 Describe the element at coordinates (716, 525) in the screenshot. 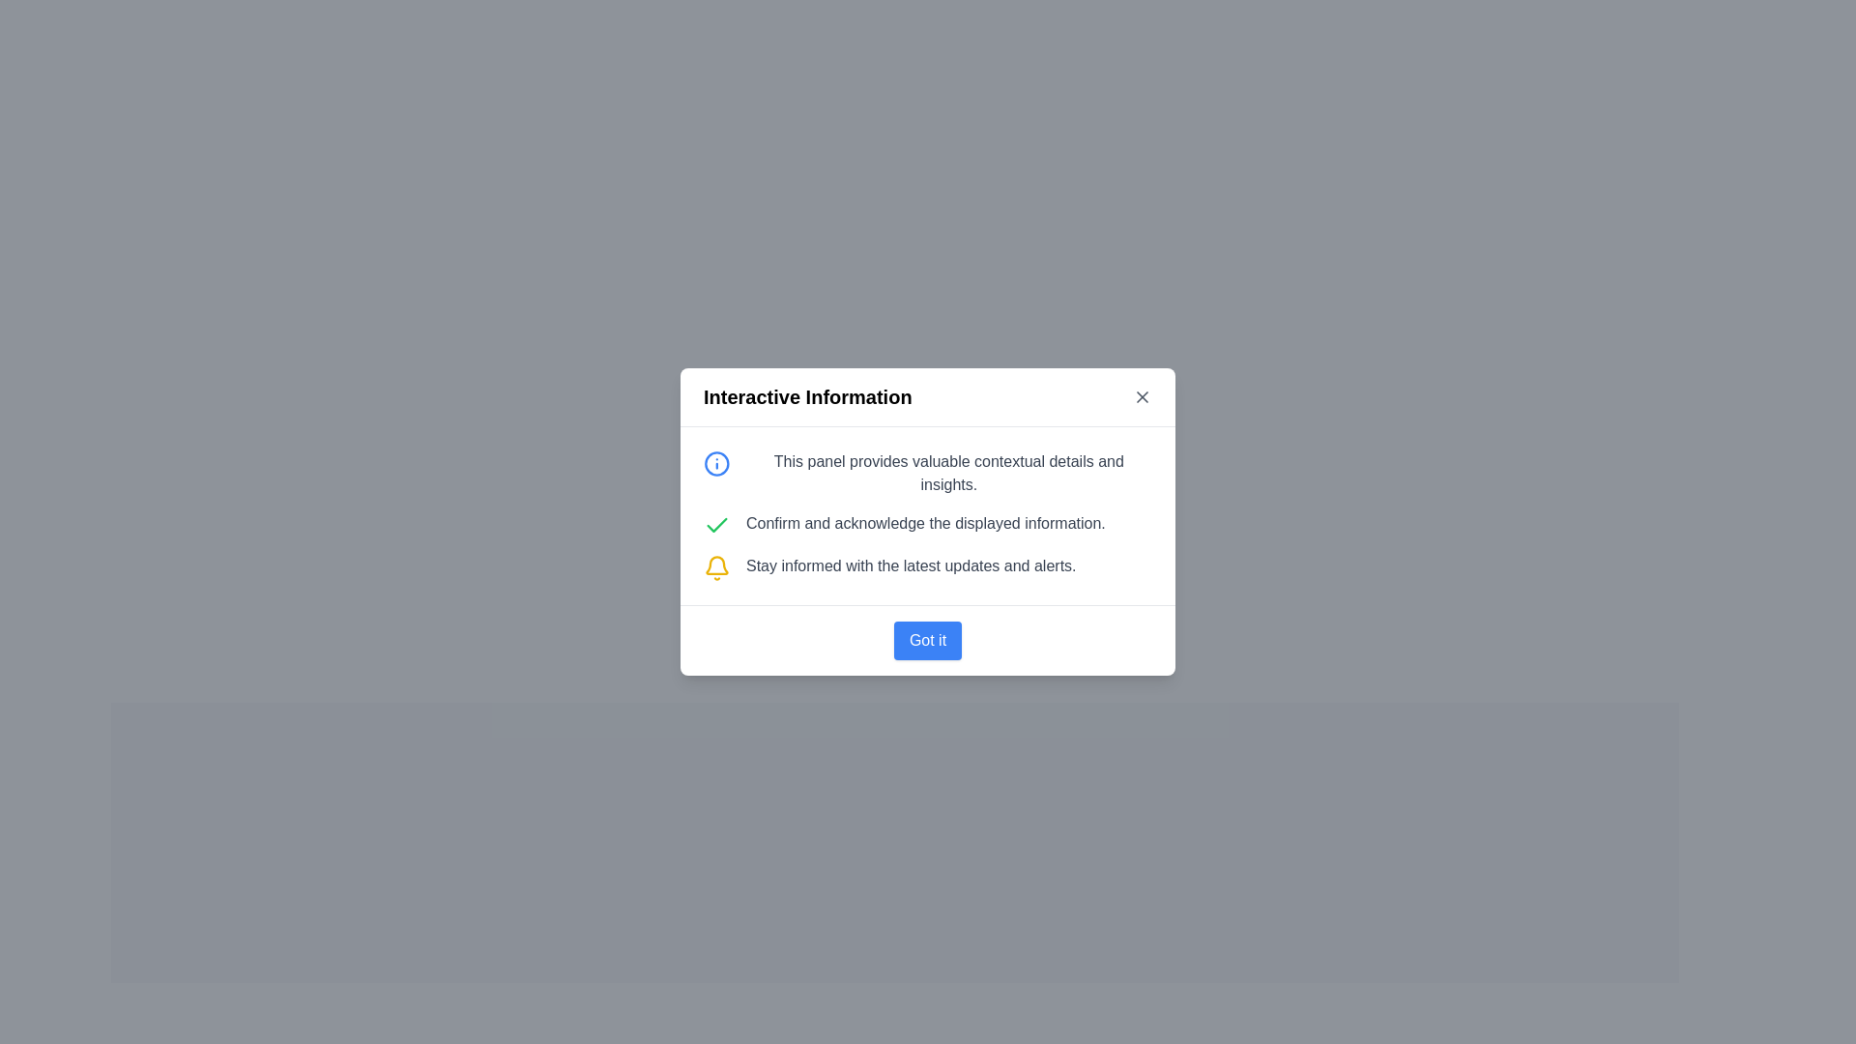

I see `the leftmost confirmation icon located in the second row, which signifies success or completion, before the text 'Confirm and acknowledge the displayed information.'` at that location.